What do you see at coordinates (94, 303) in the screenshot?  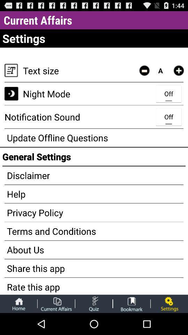 I see `quiz` at bounding box center [94, 303].